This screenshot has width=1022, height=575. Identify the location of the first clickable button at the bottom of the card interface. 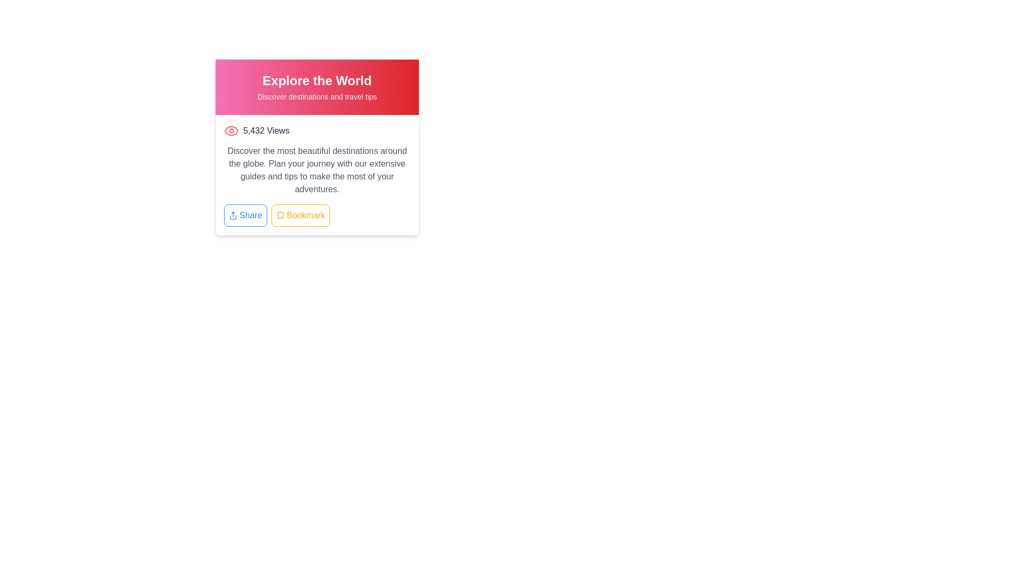
(245, 216).